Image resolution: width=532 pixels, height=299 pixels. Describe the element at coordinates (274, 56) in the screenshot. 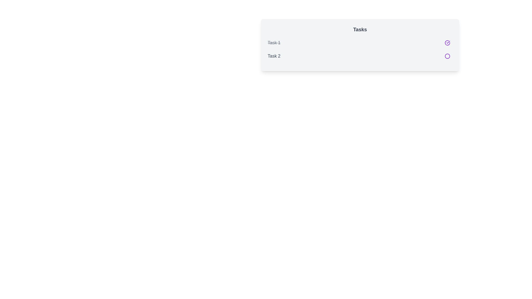

I see `the static text label displaying 'Task 2' in gray color, located below 'Task 1' within the task list` at that location.